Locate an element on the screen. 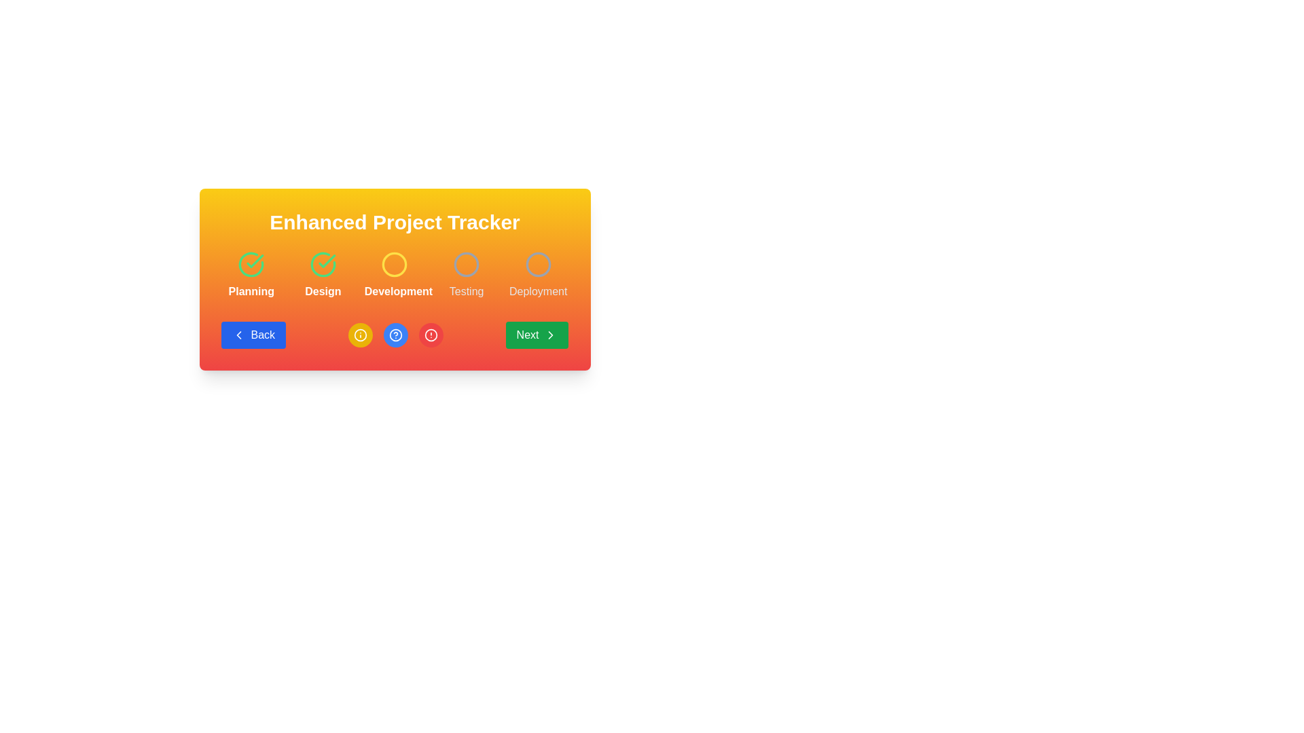  the circular red icon that is part of the notification or alert symbol, positioned below the text 'Enhanced Project Tracker' as the third item in the row of circular buttons is located at coordinates (430, 335).